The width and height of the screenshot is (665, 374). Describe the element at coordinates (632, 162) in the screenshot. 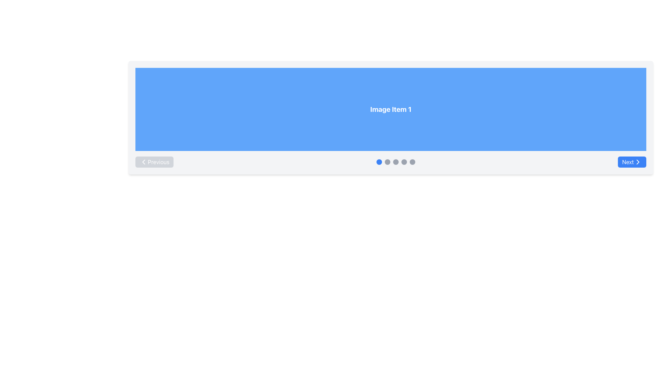

I see `the navigation button located at the bottom-right corner of the navigation bar` at that location.